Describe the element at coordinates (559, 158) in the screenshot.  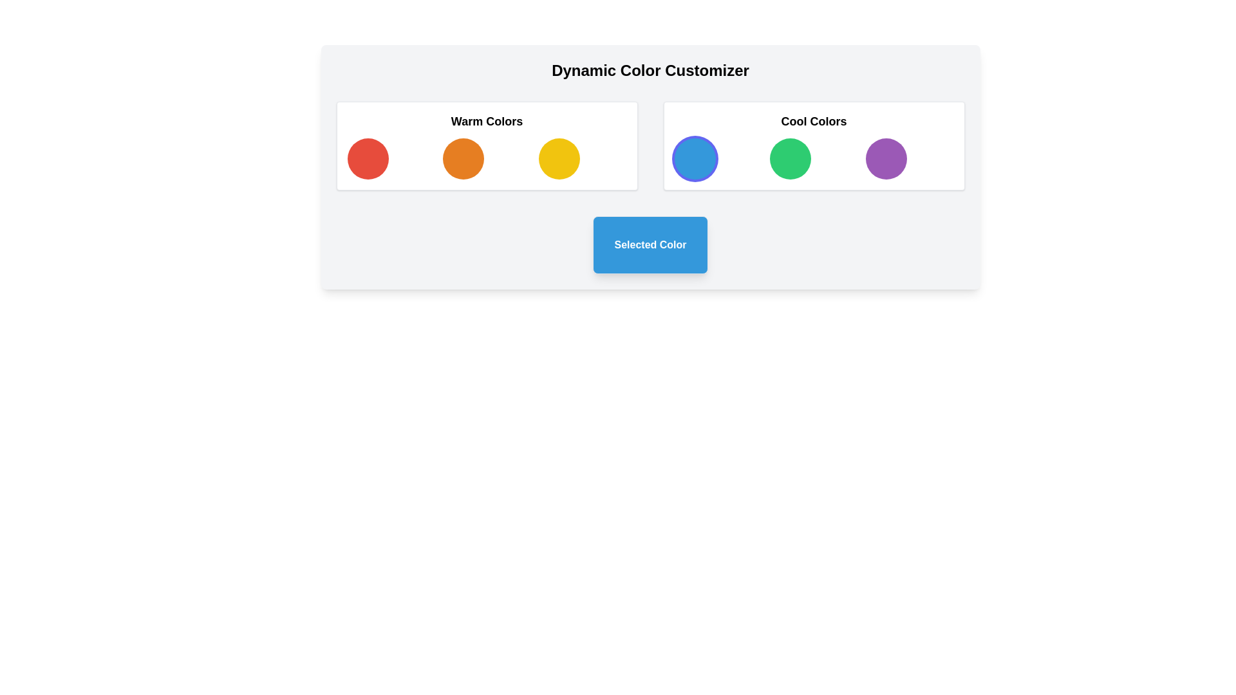
I see `the third button in the 'Warm Colors' section, located in the bottom row of a three-column grid` at that location.